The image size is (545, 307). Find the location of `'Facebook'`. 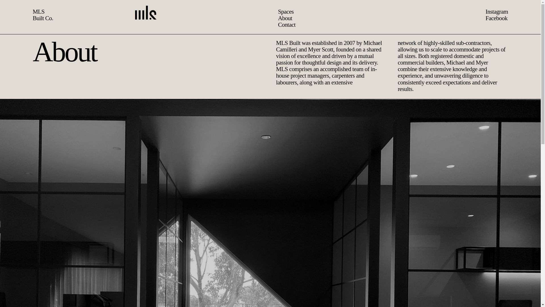

'Facebook' is located at coordinates (496, 18).